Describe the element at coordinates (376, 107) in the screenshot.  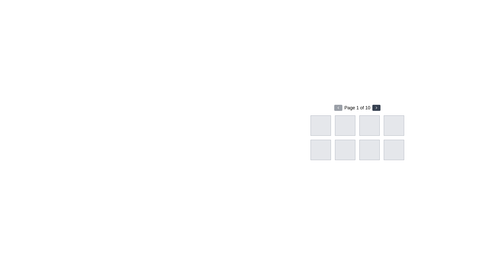
I see `the chevron icon located at the top-right section of the interface, which serves as a navigation control for paginated display` at that location.